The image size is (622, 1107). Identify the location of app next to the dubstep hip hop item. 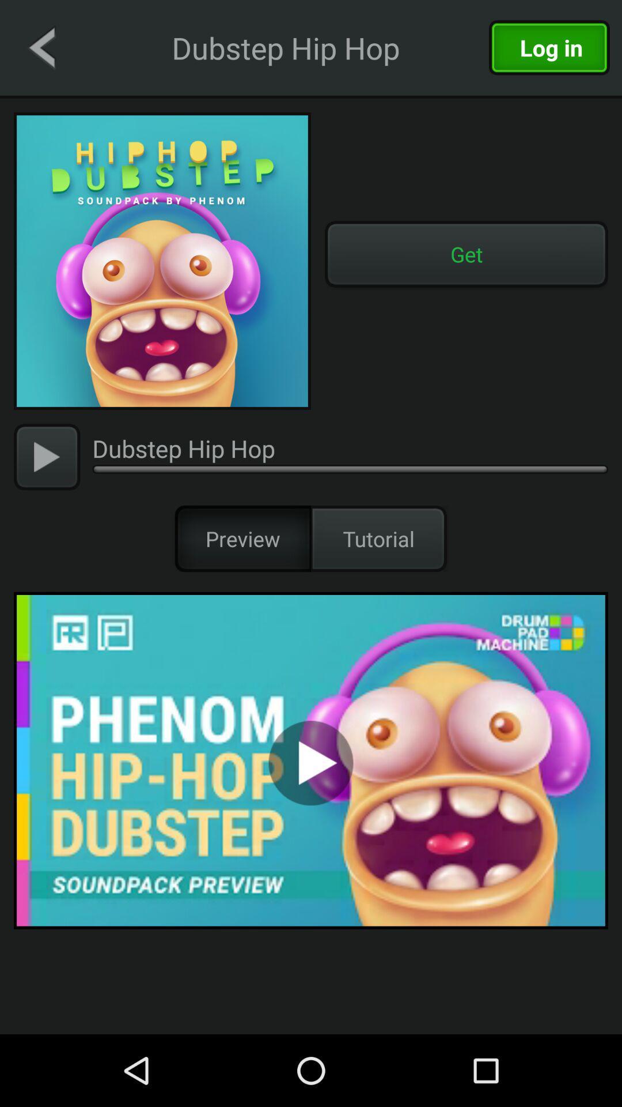
(41, 47).